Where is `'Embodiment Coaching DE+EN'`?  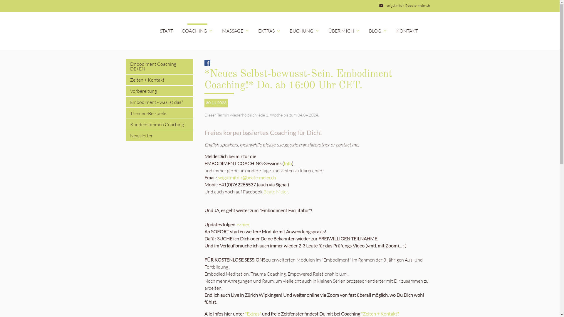
'Embodiment Coaching DE+EN' is located at coordinates (159, 66).